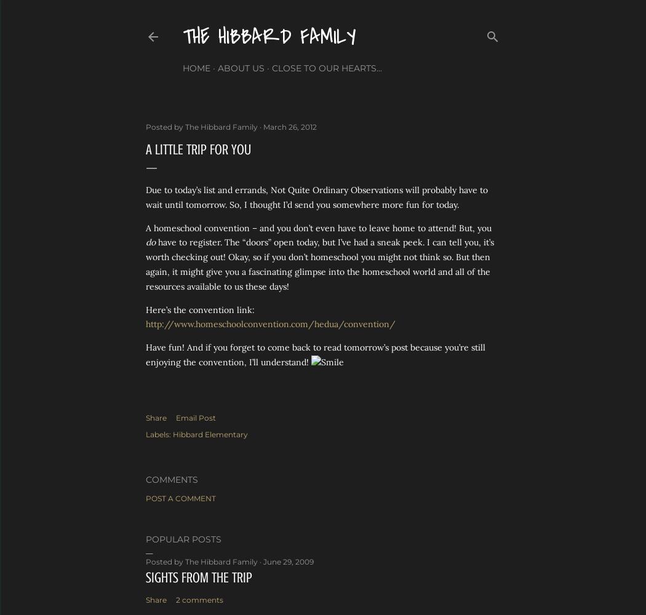  What do you see at coordinates (198, 149) in the screenshot?
I see `'A Little Trip for You'` at bounding box center [198, 149].